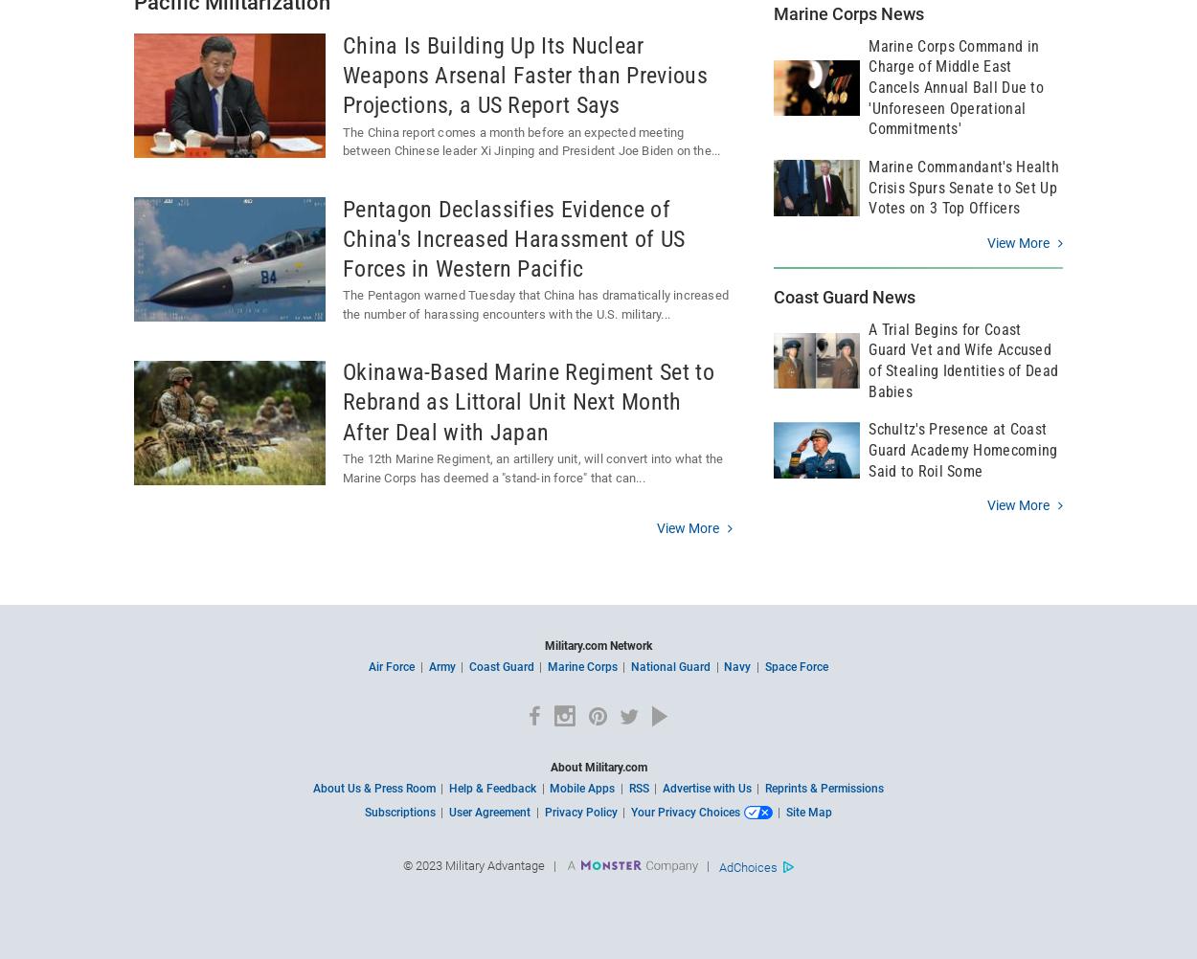  Describe the element at coordinates (807, 811) in the screenshot. I see `'Site Map'` at that location.